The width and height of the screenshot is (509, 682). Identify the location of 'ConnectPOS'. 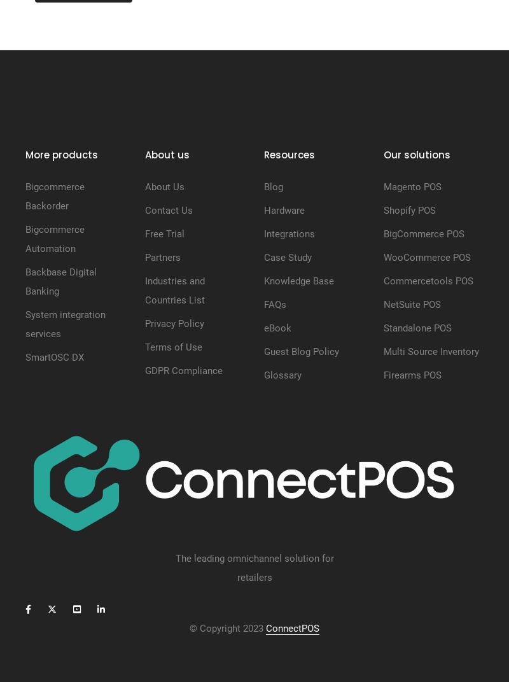
(266, 627).